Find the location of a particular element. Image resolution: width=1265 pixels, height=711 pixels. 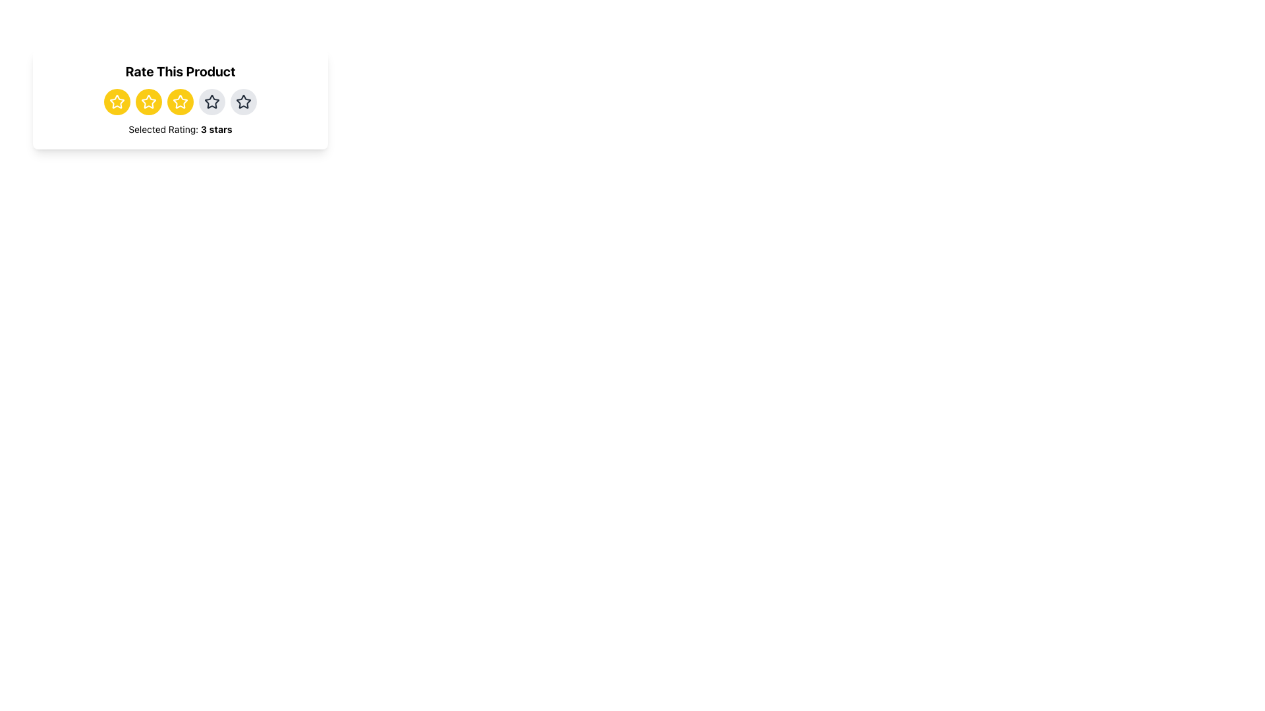

the first rating button below the text 'Rate This Product' is located at coordinates (117, 101).